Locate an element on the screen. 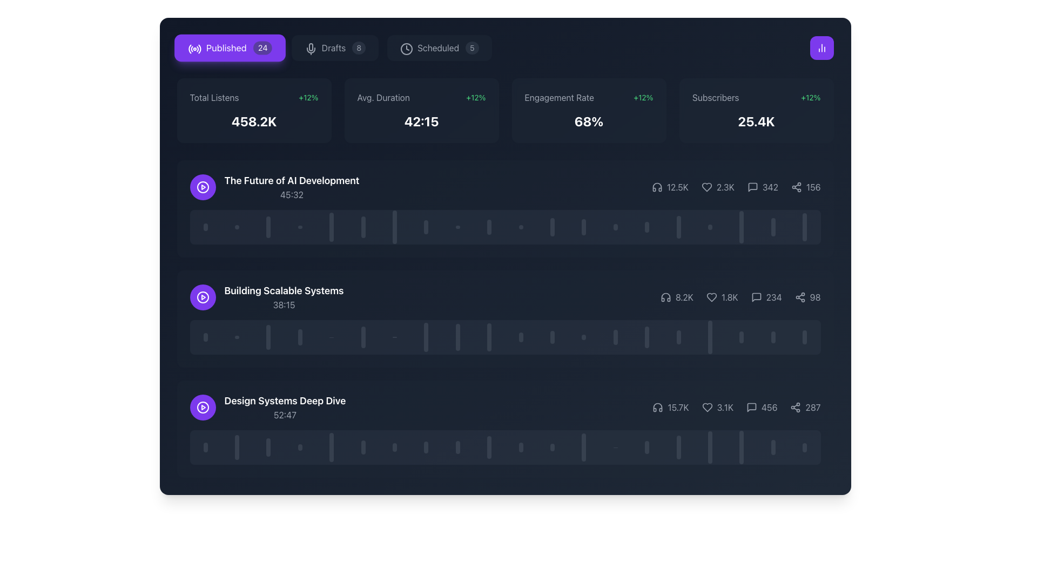 Image resolution: width=1037 pixels, height=583 pixels. the visual pattern of the waveform or progress bar located in the middle section of the card labeled 'The Future of AI Development', which is the only elongated rectangular shape in this specific card is located at coordinates (504, 226).